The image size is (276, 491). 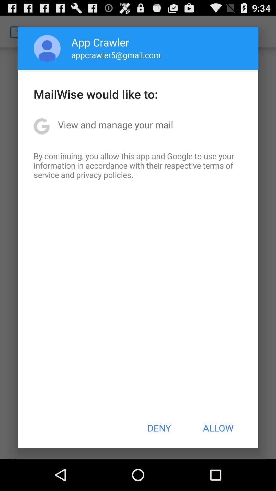 I want to click on app to the left of app crawler app, so click(x=47, y=48).